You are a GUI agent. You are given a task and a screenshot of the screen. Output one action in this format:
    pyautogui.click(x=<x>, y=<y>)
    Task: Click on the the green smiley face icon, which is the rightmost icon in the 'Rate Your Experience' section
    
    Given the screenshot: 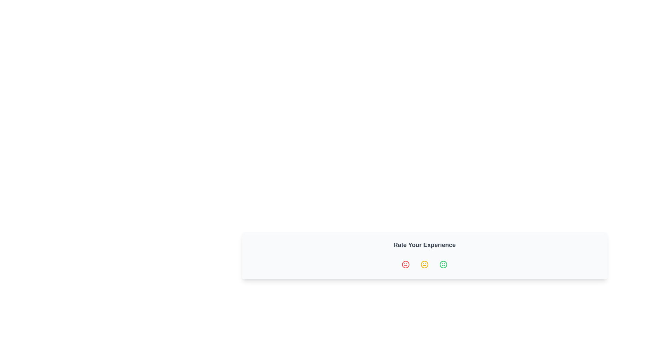 What is the action you would take?
    pyautogui.click(x=443, y=264)
    